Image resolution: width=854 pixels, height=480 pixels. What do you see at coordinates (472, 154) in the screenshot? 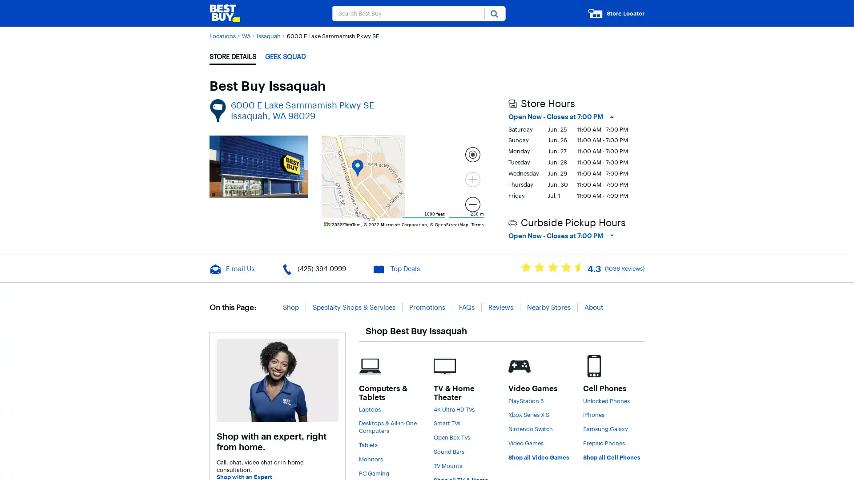
I see `Locate me` at bounding box center [472, 154].